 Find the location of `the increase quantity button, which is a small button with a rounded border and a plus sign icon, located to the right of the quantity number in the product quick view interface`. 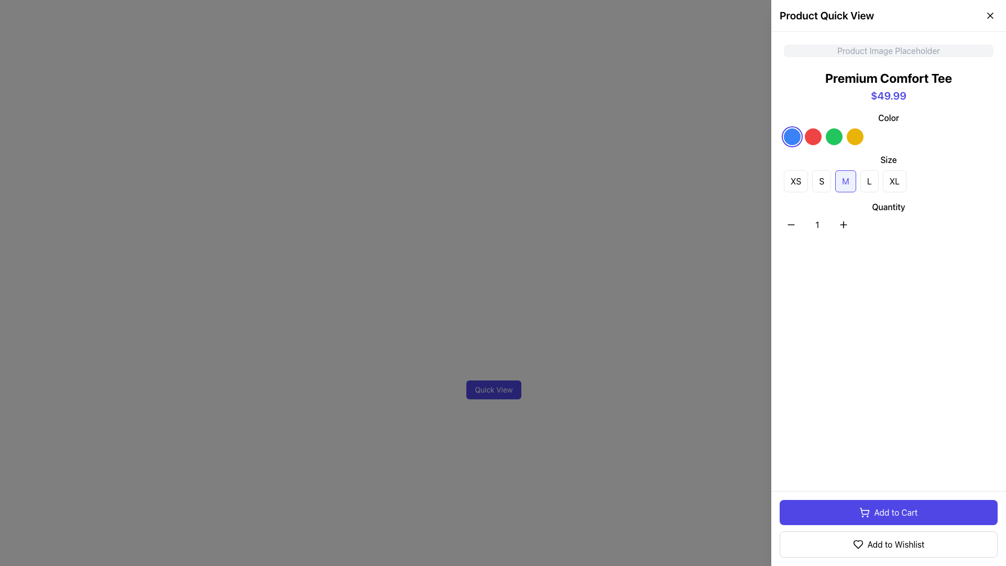

the increase quantity button, which is a small button with a rounded border and a plus sign icon, located to the right of the quantity number in the product quick view interface is located at coordinates (843, 224).